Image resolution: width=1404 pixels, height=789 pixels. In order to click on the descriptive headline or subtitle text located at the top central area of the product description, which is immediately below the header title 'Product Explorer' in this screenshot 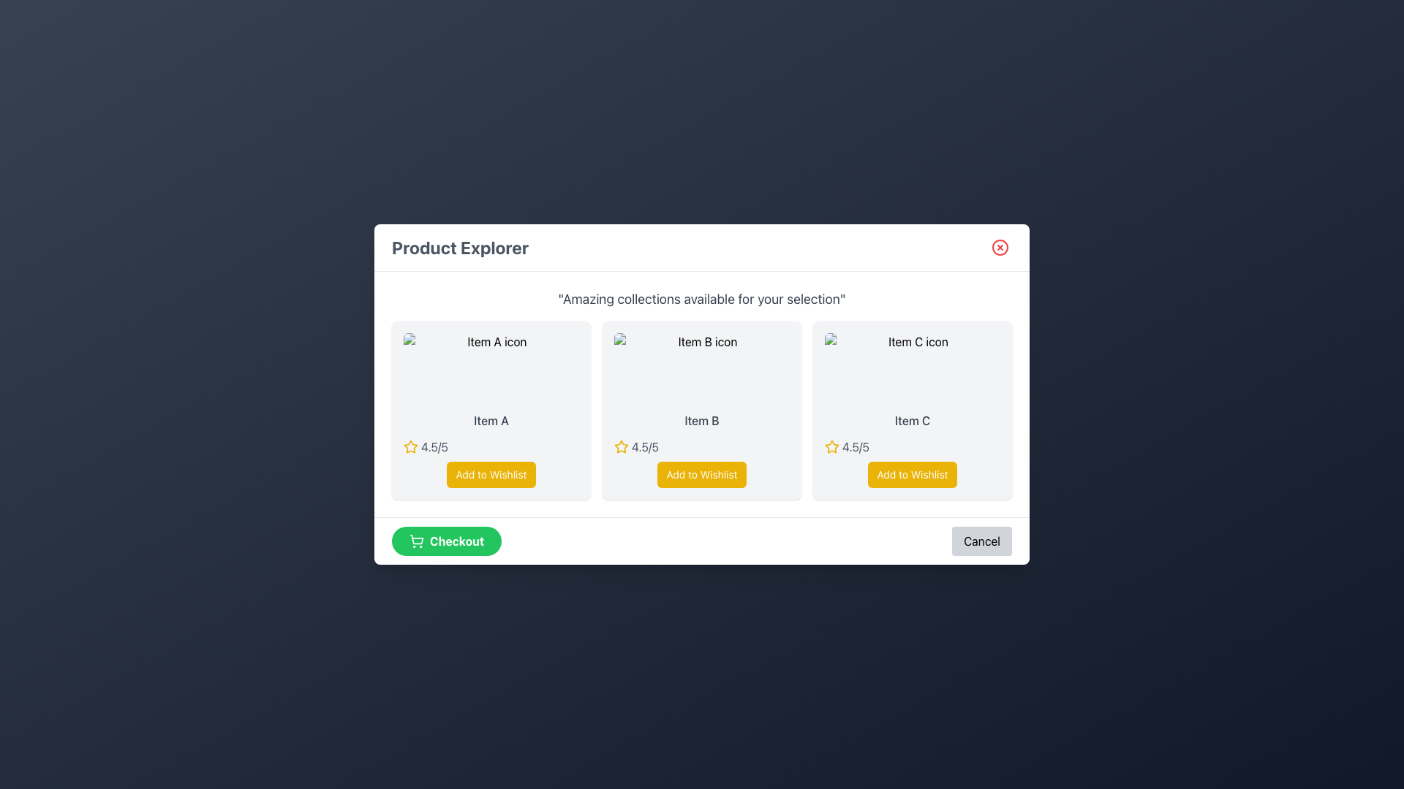, I will do `click(702, 298)`.